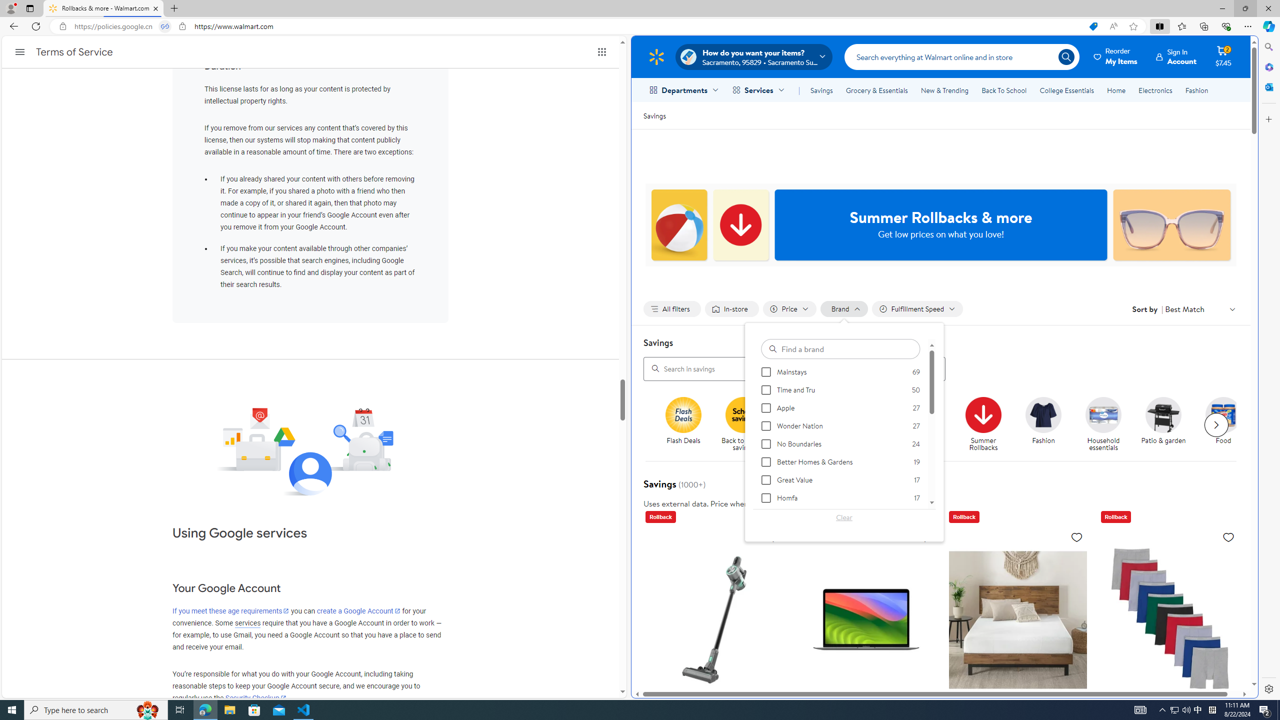  I want to click on 'Back To School', so click(1003, 90).